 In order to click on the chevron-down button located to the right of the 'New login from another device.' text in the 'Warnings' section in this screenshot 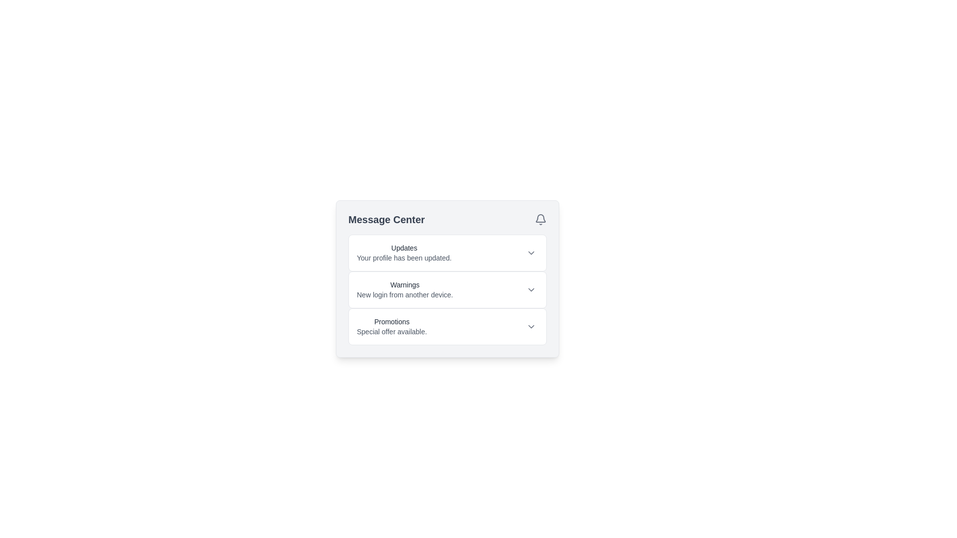, I will do `click(530, 290)`.